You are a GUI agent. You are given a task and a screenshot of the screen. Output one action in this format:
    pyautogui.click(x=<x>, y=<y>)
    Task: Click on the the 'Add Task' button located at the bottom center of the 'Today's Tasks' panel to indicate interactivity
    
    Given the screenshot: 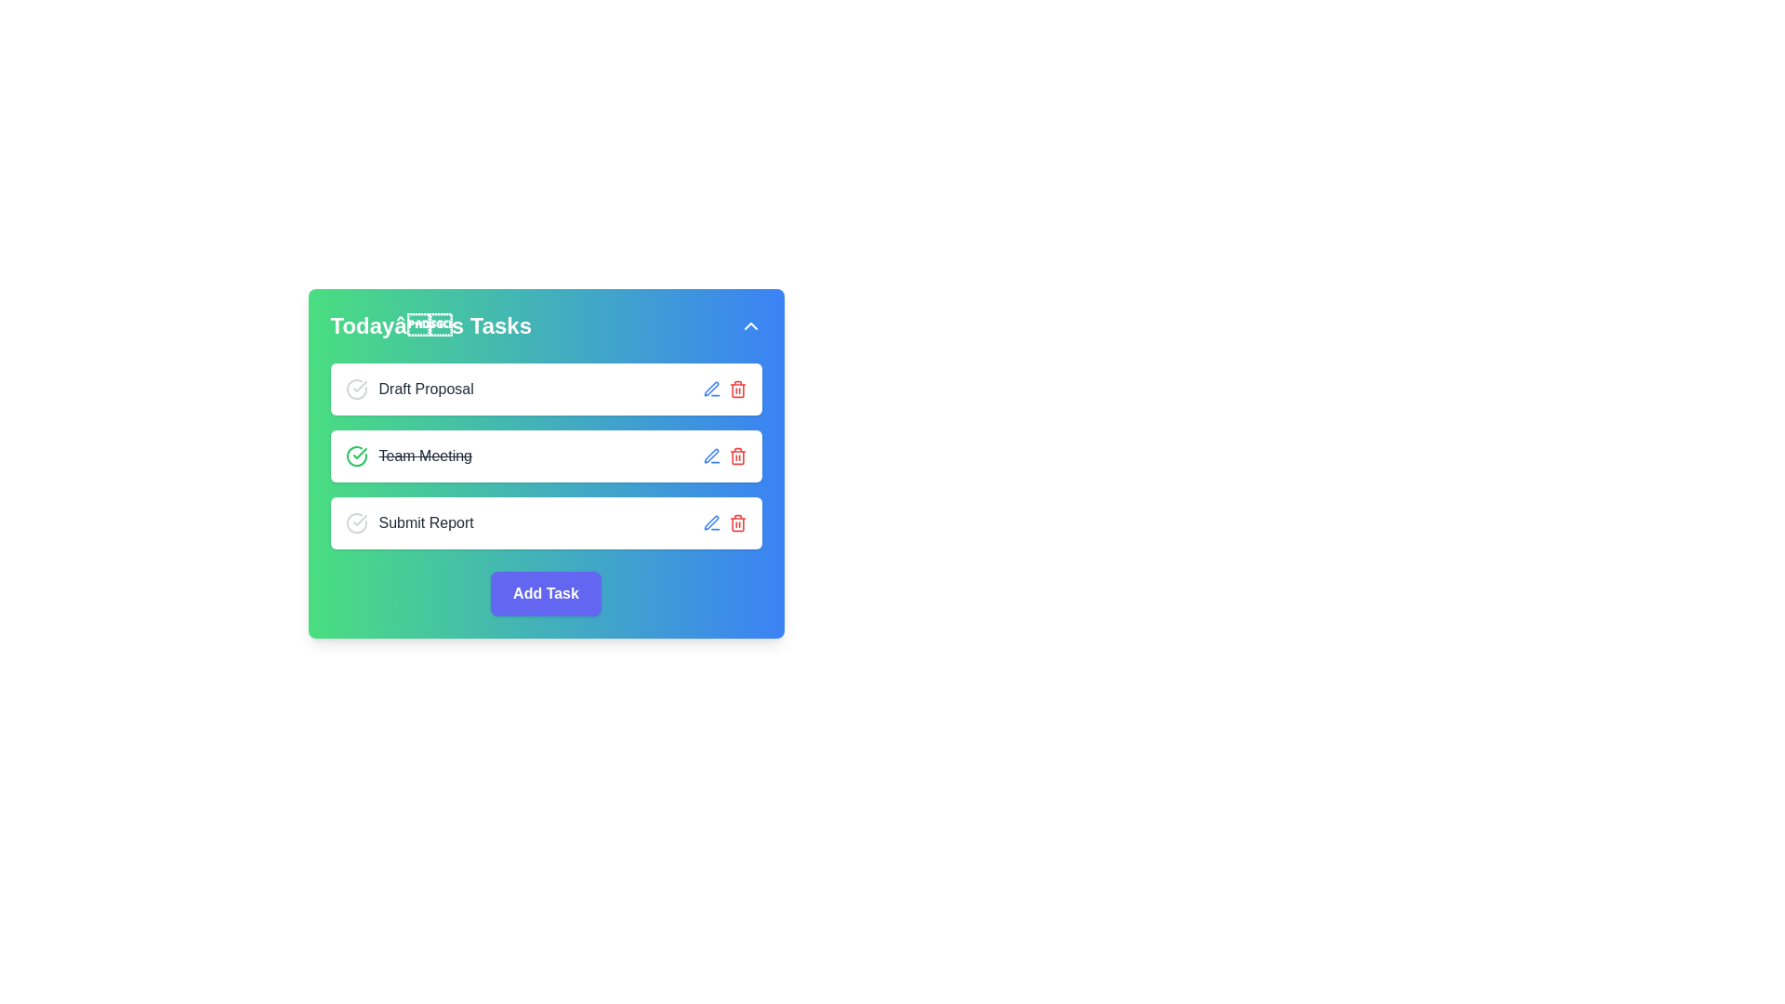 What is the action you would take?
    pyautogui.click(x=545, y=594)
    